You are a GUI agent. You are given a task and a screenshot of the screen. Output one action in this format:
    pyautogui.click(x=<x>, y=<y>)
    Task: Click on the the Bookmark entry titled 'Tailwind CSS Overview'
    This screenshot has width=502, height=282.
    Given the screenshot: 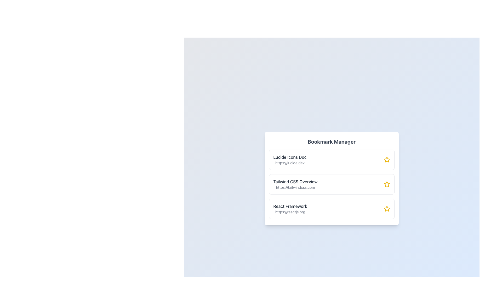 What is the action you would take?
    pyautogui.click(x=295, y=184)
    